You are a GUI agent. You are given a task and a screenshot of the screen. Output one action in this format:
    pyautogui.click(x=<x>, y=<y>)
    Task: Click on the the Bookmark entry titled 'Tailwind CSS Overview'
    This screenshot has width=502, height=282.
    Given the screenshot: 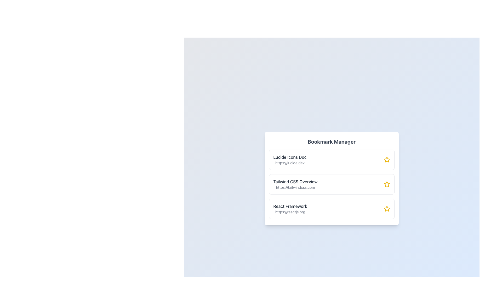 What is the action you would take?
    pyautogui.click(x=295, y=184)
    